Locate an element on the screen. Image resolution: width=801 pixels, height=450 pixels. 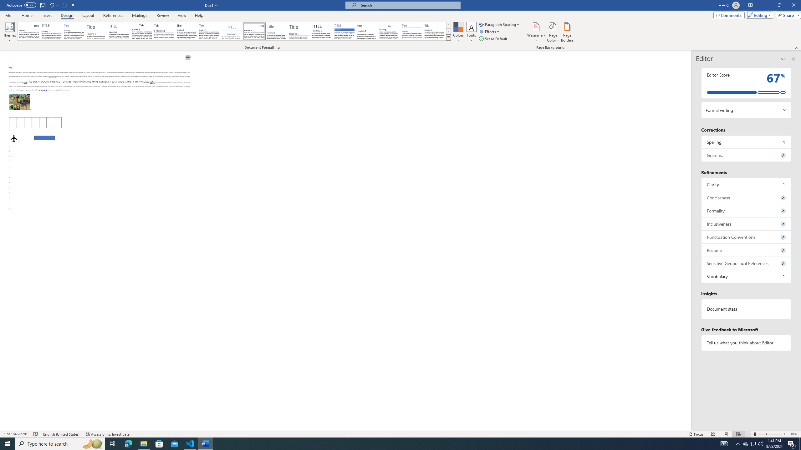
'Page Color' is located at coordinates (553, 32).